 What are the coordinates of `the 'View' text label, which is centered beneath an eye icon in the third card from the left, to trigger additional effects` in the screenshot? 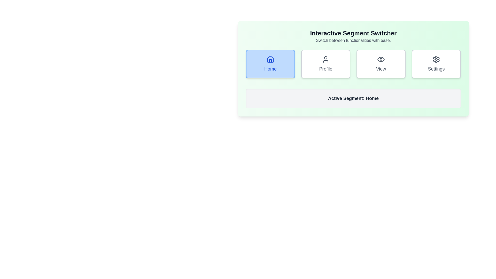 It's located at (381, 68).